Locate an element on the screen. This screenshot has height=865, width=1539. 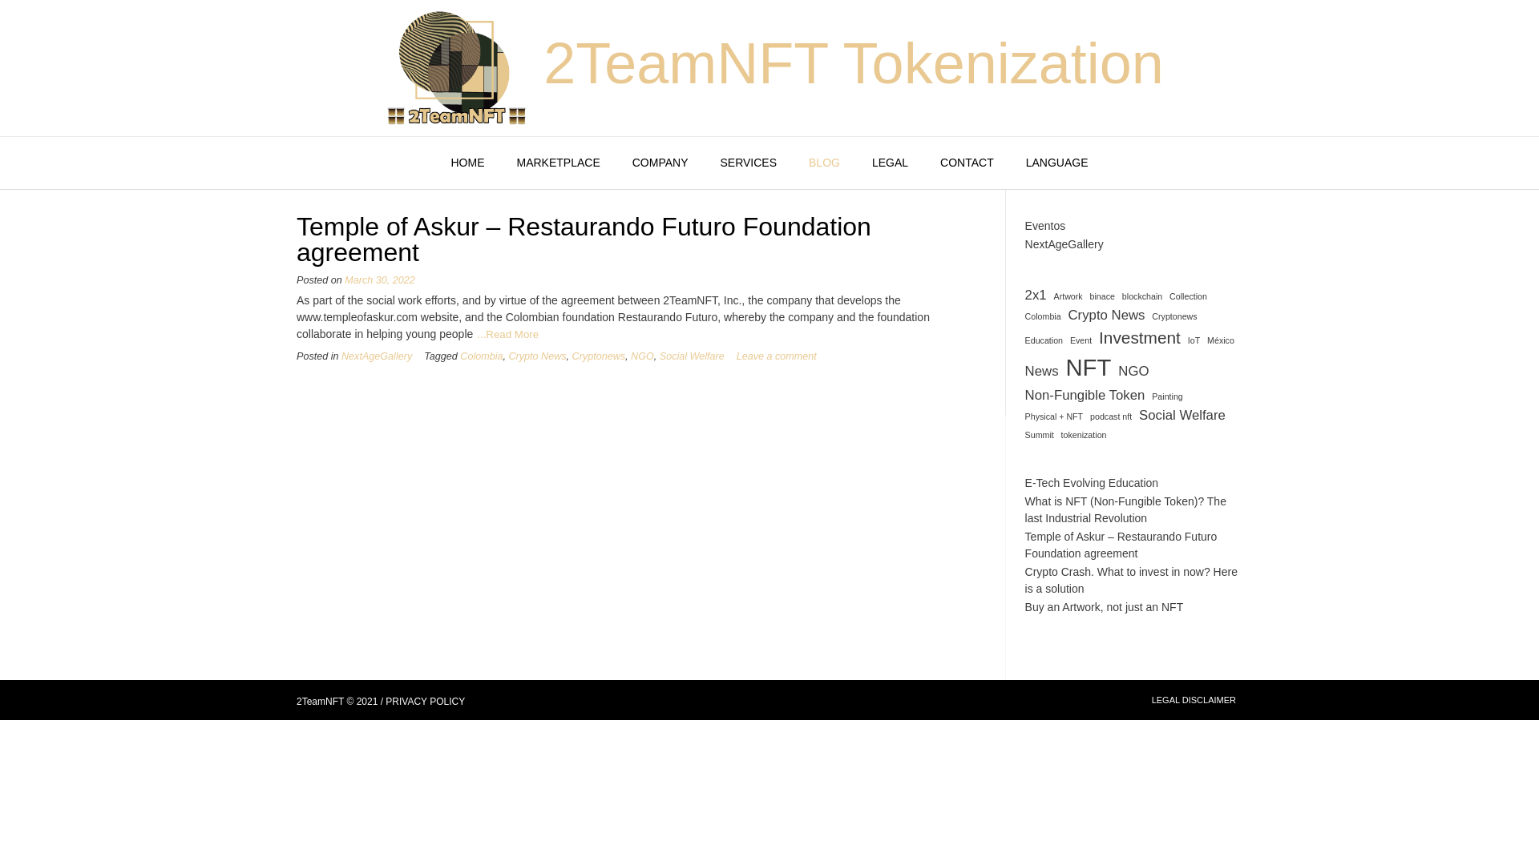
'Education' is located at coordinates (1044, 339).